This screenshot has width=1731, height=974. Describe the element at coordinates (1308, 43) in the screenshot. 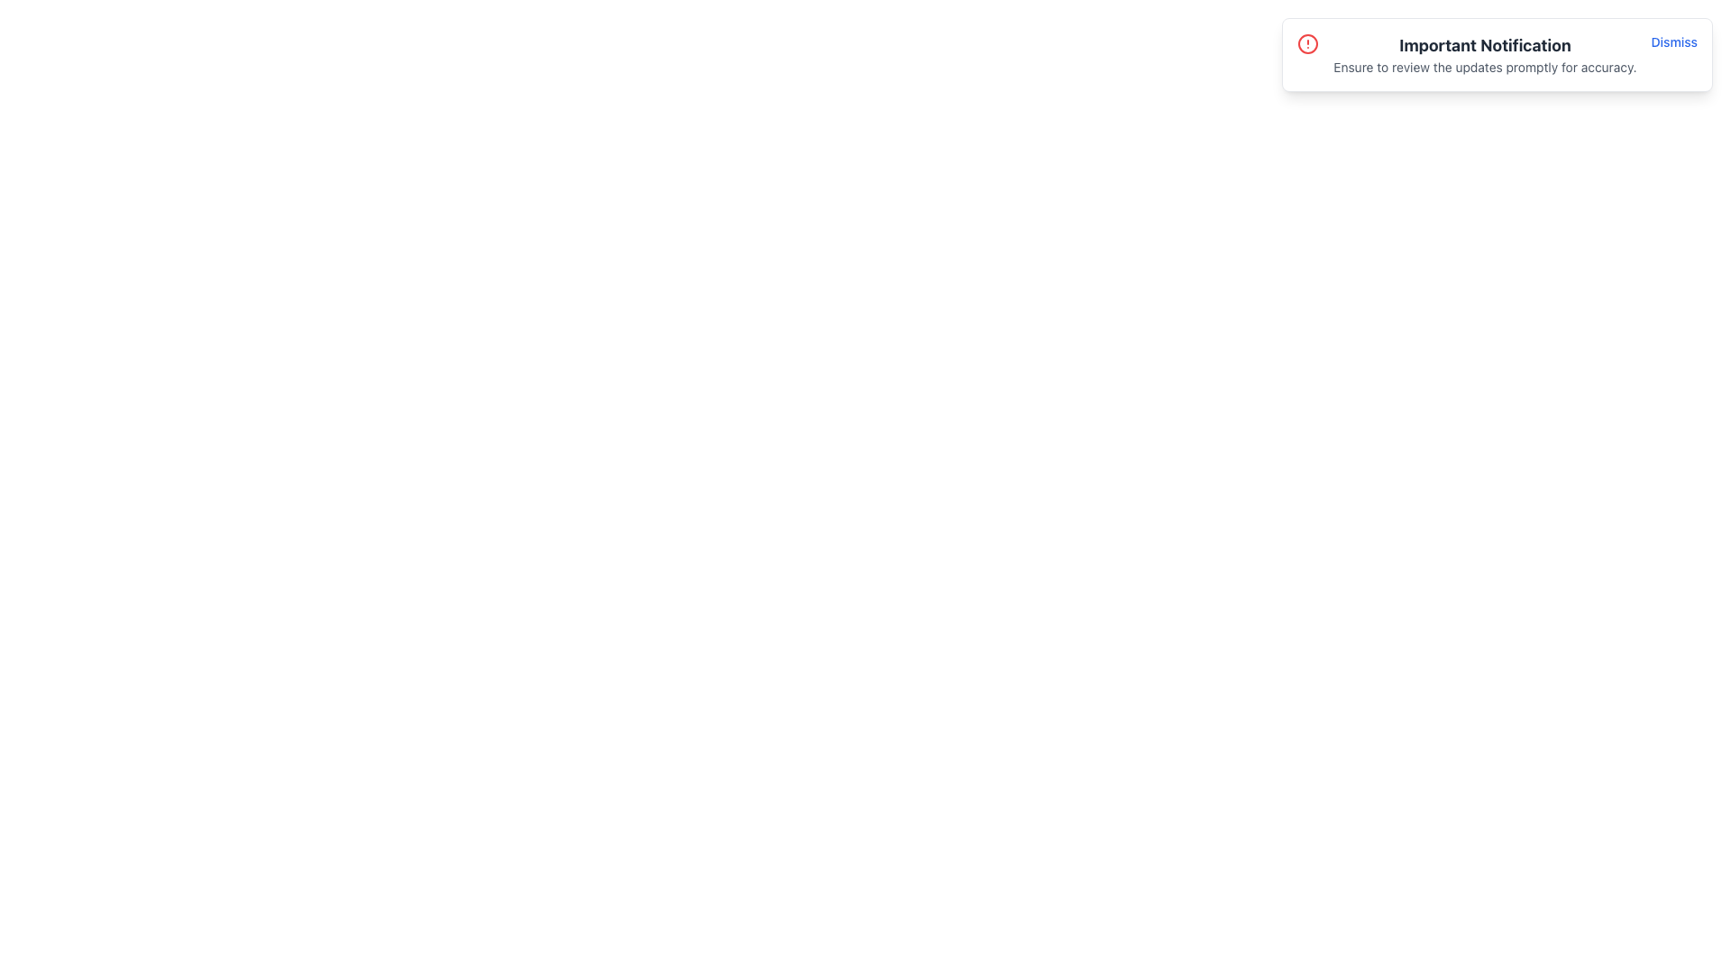

I see `the red circular icon indicating urgency or alert located in the top-left corner of the notification card, next to the text 'Important Notification'` at that location.